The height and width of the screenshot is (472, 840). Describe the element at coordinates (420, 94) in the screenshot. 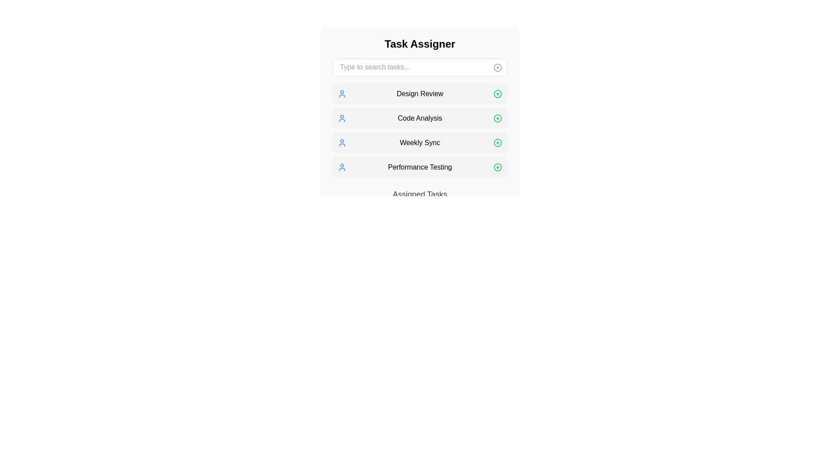

I see `the 'Design Review' text label, which is the central text of the first item in a vertical task selector list` at that location.